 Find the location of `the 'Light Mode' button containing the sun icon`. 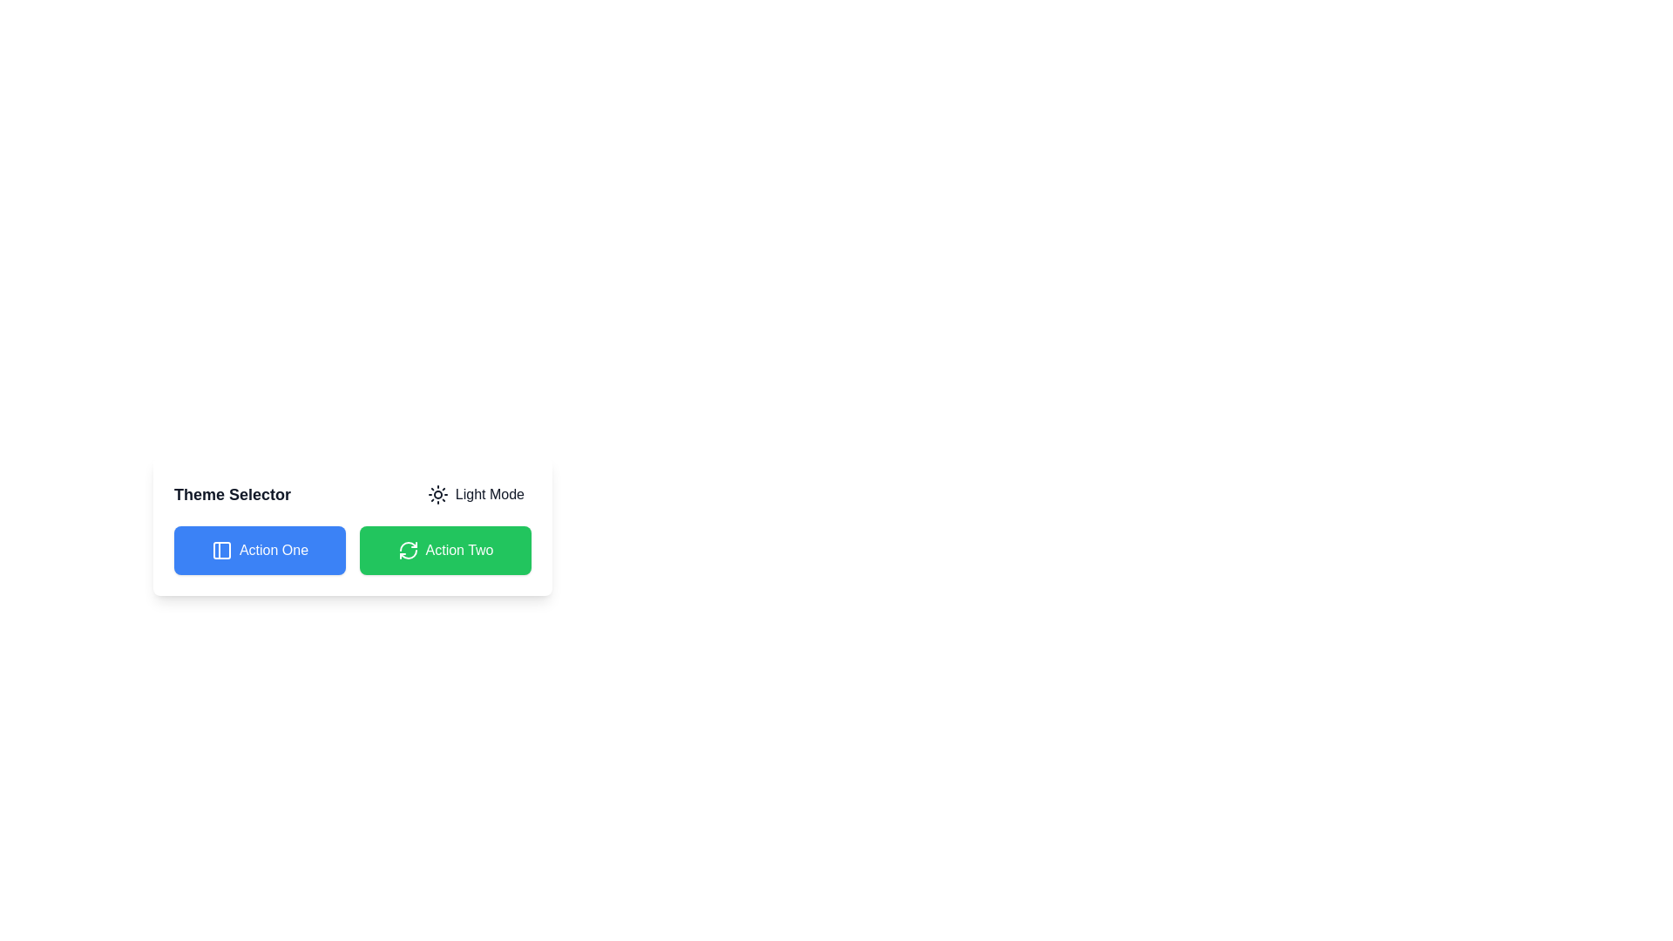

the 'Light Mode' button containing the sun icon is located at coordinates (437, 494).